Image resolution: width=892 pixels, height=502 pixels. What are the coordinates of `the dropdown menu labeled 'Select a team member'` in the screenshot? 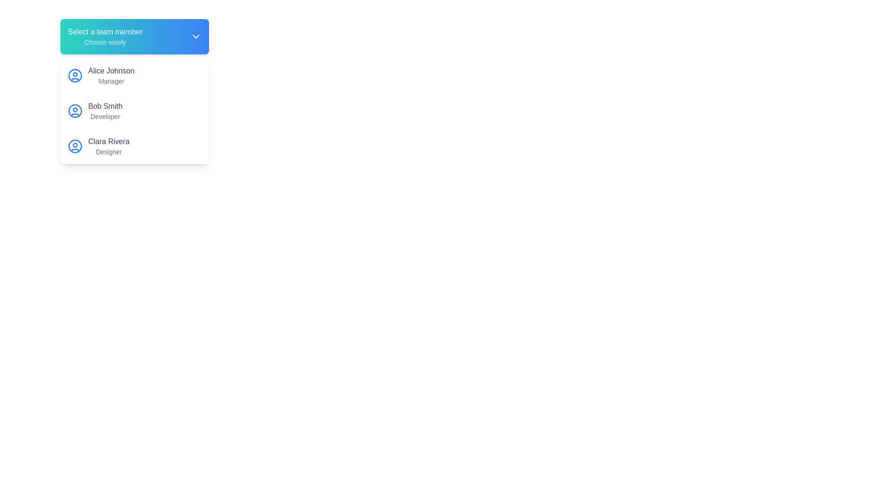 It's located at (134, 36).